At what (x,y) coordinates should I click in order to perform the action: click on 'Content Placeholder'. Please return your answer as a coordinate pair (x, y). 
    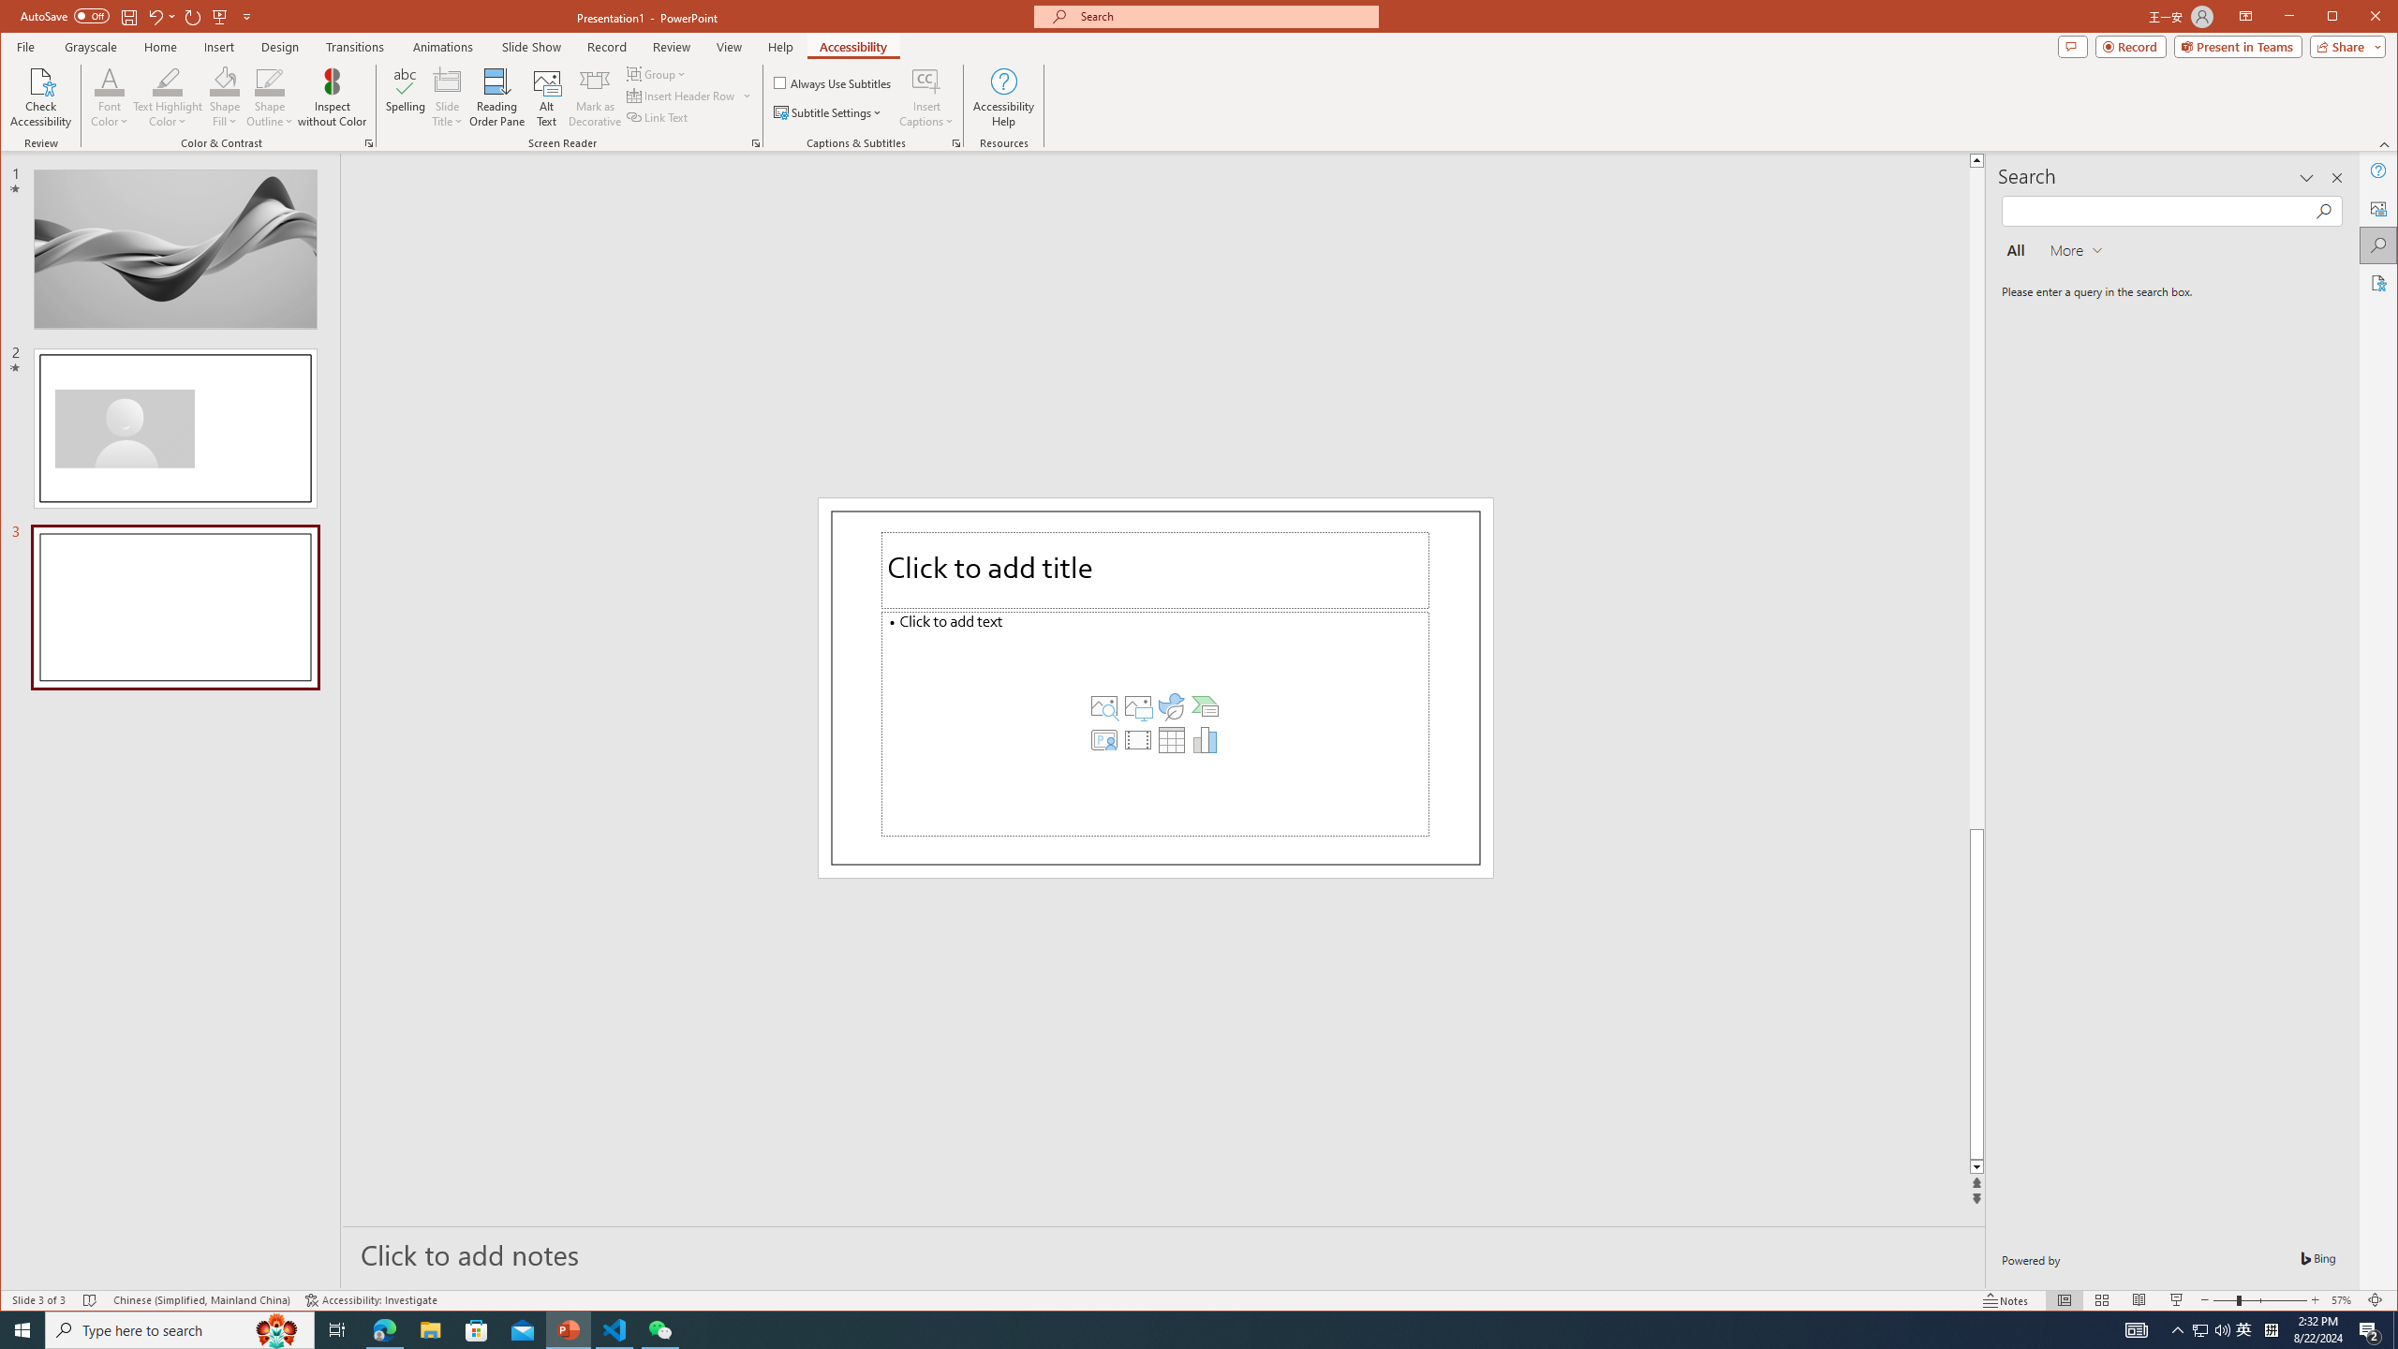
    Looking at the image, I should click on (1154, 722).